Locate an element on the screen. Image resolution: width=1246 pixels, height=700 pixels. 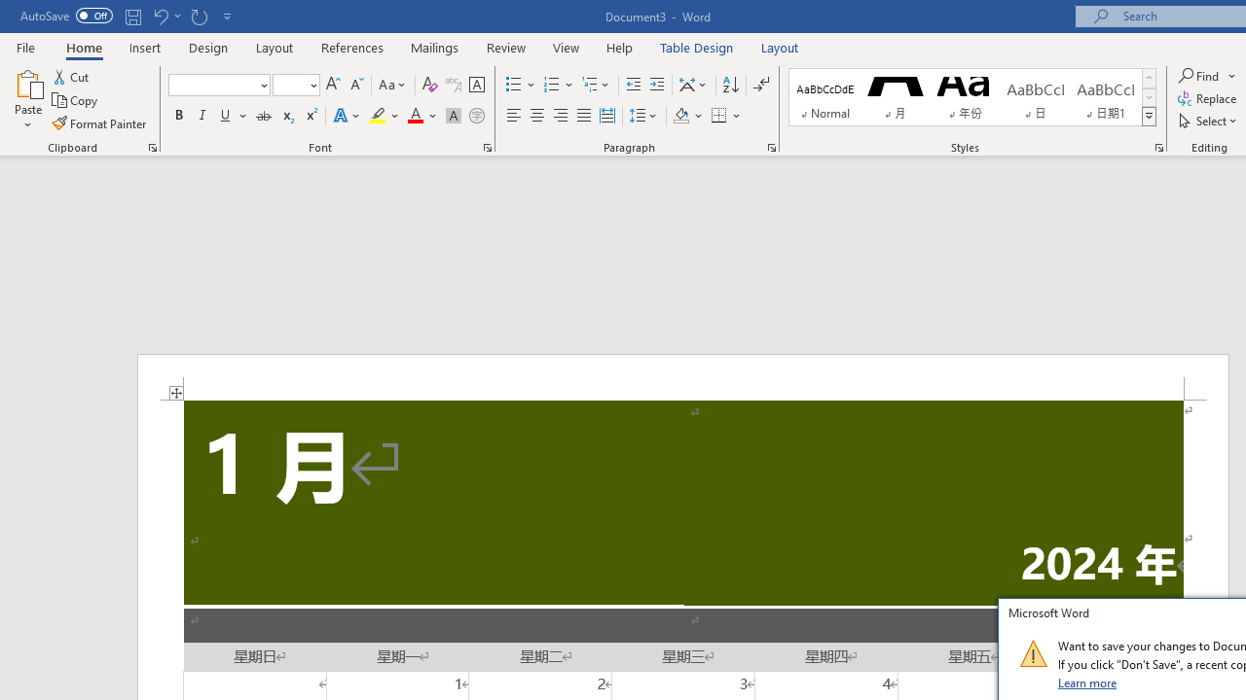
'Bold' is located at coordinates (178, 116).